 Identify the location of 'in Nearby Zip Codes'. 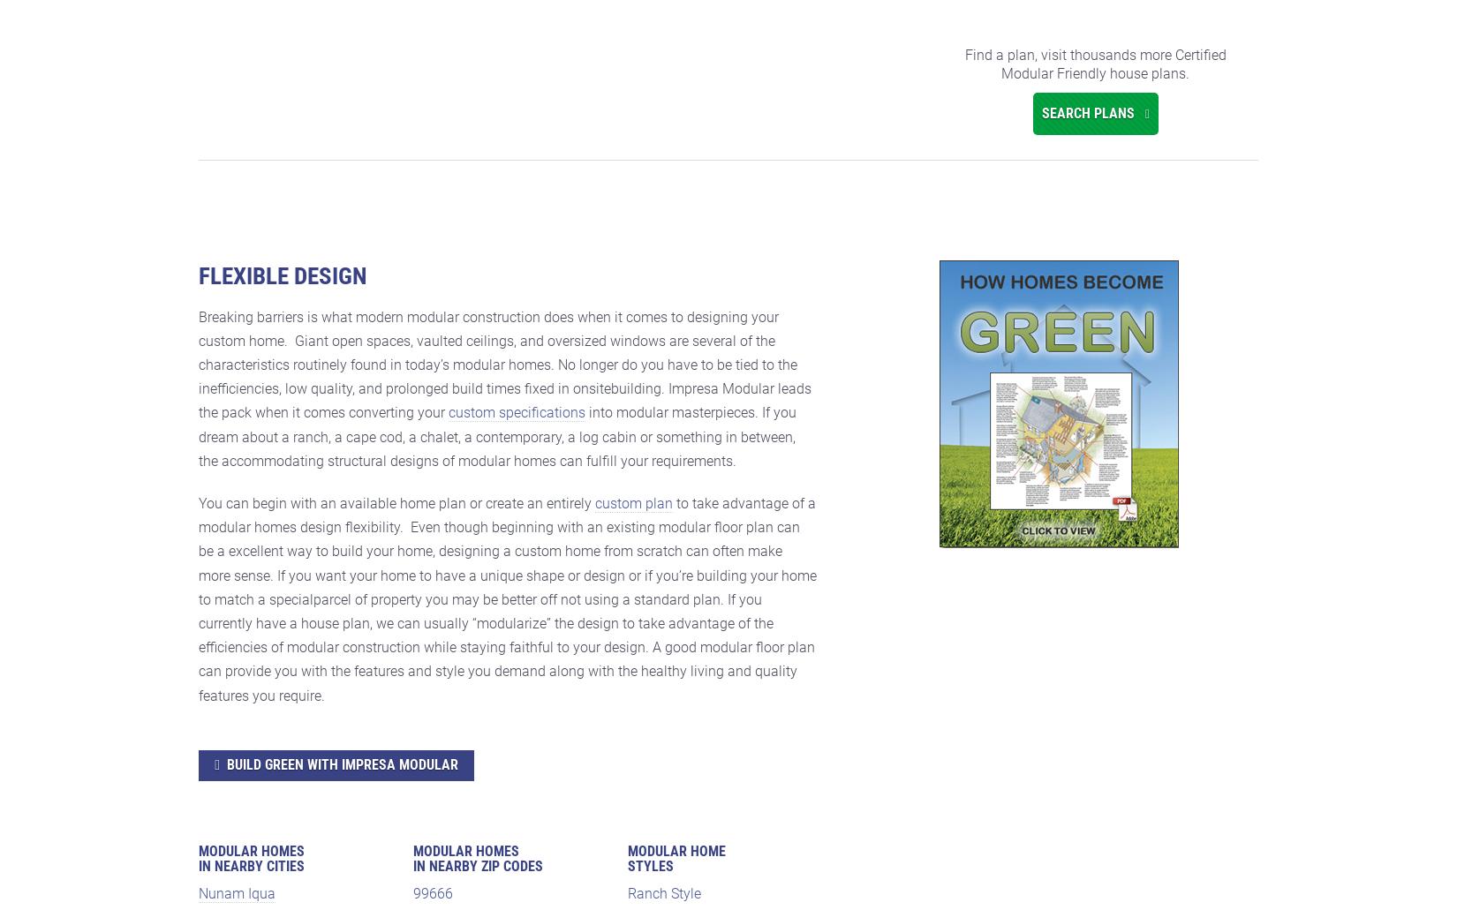
(476, 865).